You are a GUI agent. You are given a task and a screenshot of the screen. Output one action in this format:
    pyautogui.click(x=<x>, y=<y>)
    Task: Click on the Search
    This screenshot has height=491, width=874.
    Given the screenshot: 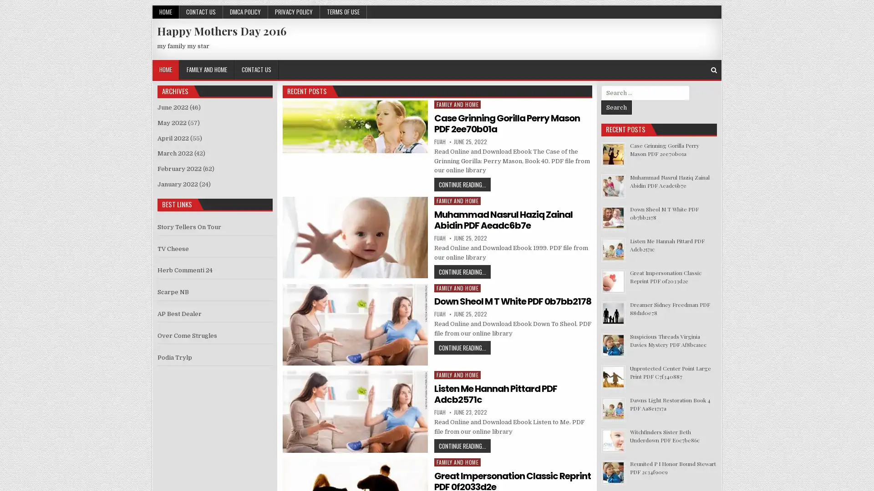 What is the action you would take?
    pyautogui.click(x=616, y=107)
    